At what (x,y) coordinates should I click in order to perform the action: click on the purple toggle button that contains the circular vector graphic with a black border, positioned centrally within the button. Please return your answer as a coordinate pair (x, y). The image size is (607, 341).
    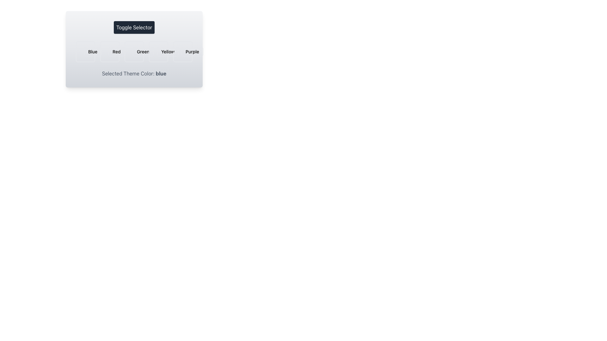
    Looking at the image, I should click on (182, 52).